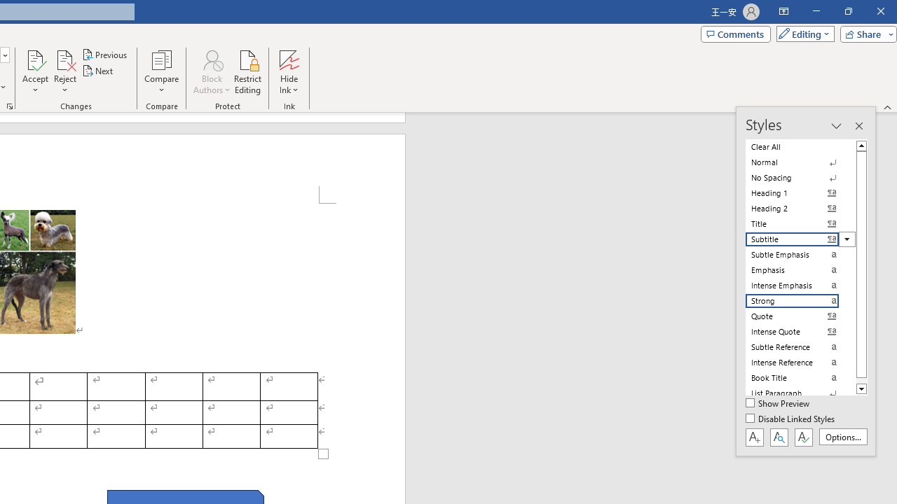  I want to click on 'Emphasis', so click(800, 269).